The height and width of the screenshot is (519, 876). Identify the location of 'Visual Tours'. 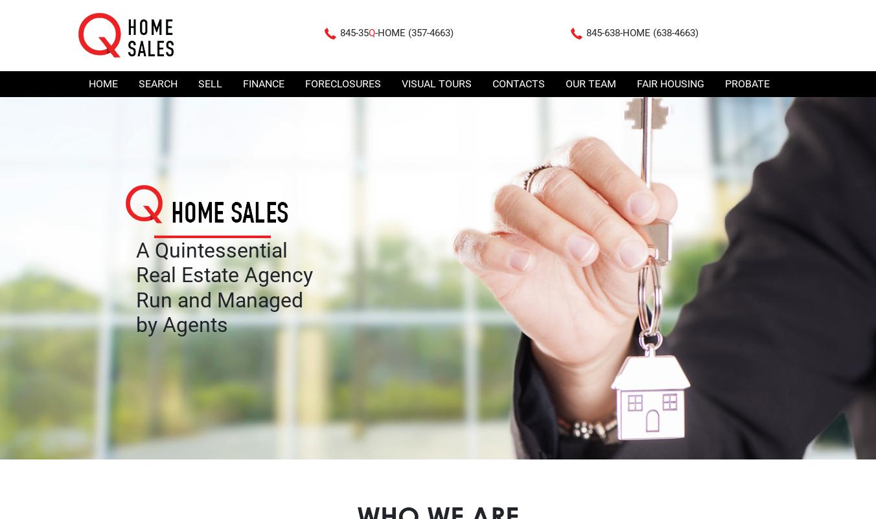
(402, 83).